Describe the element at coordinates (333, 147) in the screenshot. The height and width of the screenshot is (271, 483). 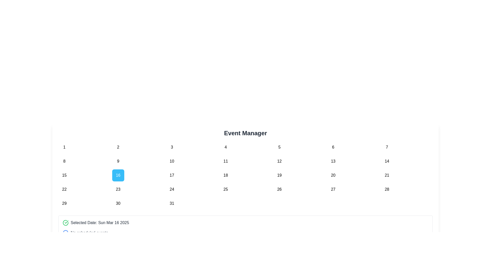
I see `the button representing the sixth day in the calendar view` at that location.